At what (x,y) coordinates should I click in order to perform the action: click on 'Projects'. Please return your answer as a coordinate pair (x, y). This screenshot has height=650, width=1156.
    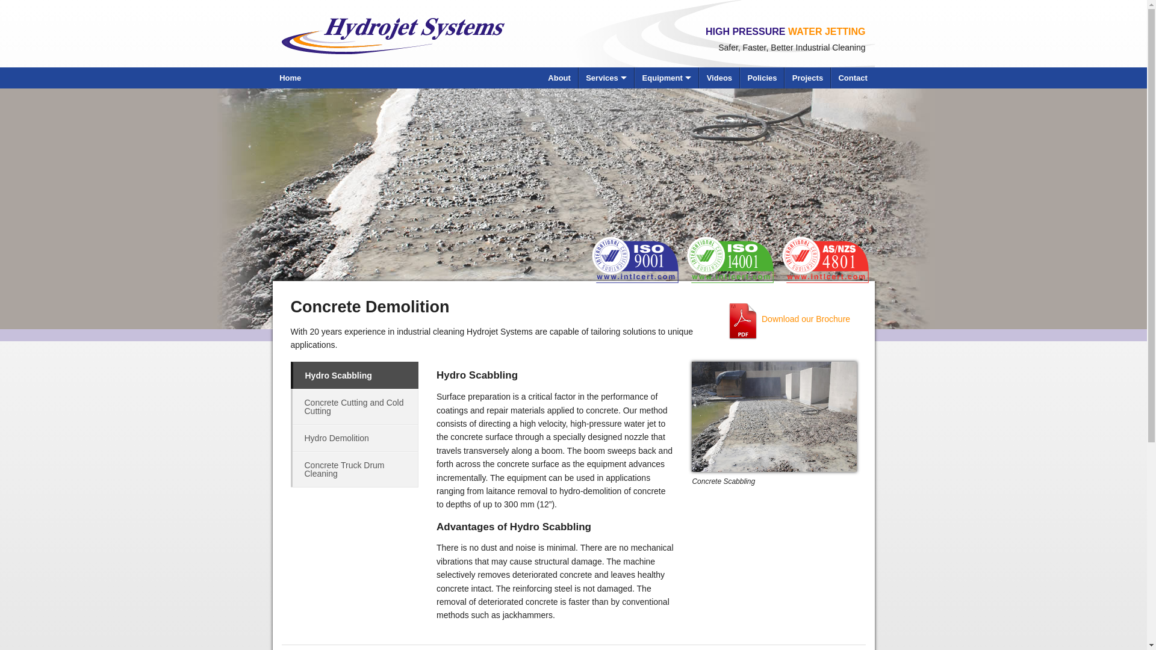
    Looking at the image, I should click on (807, 78).